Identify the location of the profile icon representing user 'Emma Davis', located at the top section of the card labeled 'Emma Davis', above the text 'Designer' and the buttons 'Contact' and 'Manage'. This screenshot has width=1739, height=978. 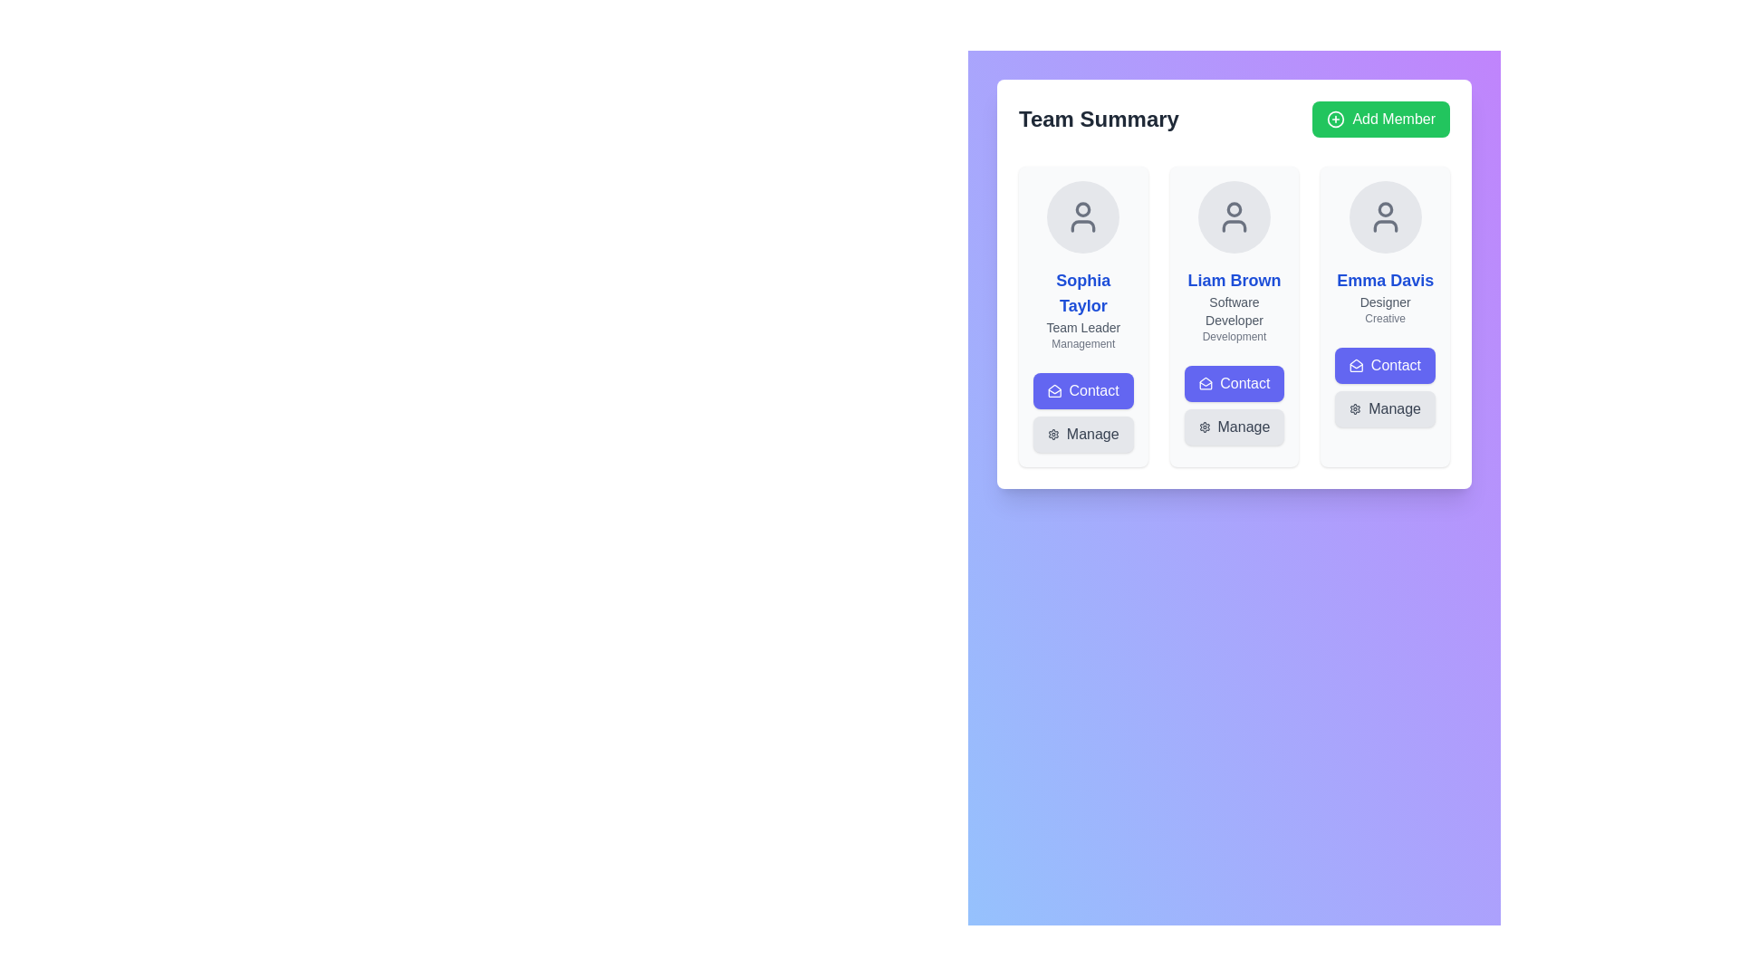
(1384, 216).